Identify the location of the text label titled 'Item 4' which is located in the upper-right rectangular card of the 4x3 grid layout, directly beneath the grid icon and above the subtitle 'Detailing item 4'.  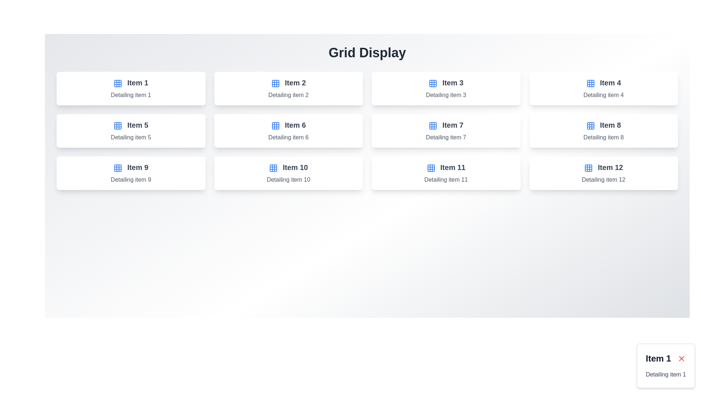
(604, 82).